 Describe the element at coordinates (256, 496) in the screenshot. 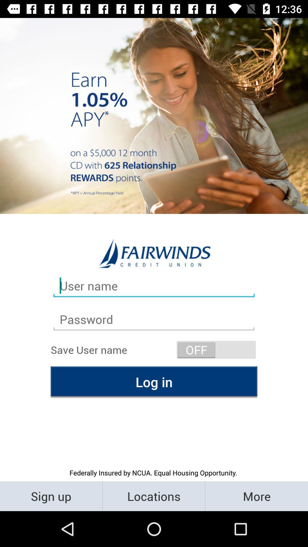

I see `more item` at that location.